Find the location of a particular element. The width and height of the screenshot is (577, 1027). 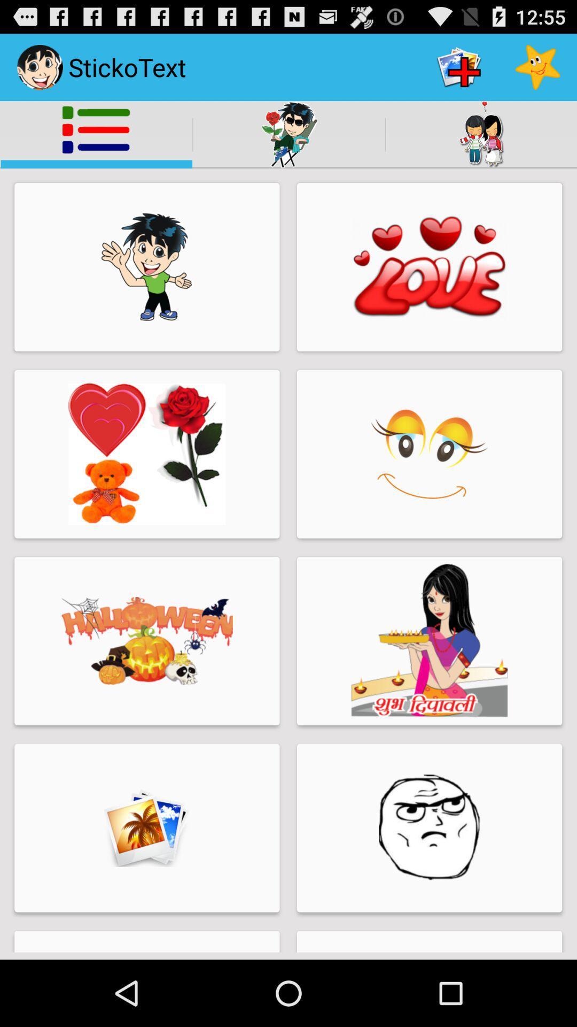

the icon of the 2 girls is located at coordinates (482, 134).